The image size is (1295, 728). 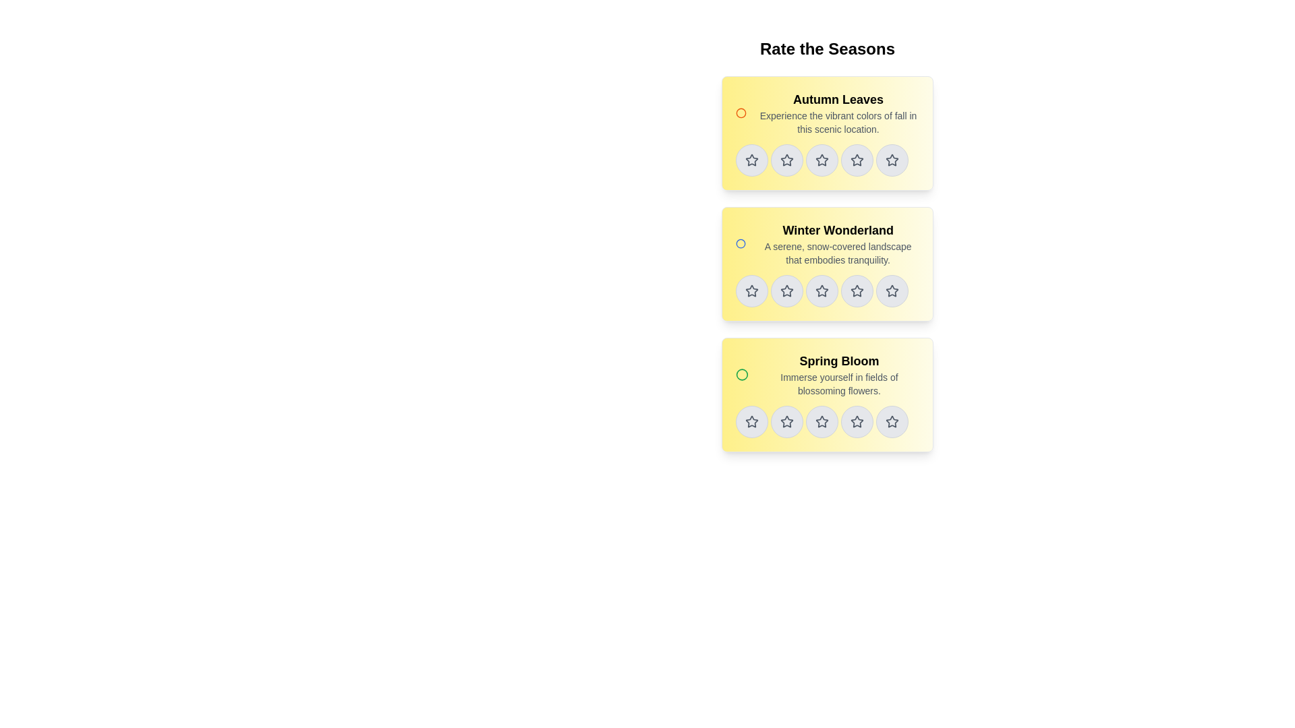 What do you see at coordinates (857, 421) in the screenshot?
I see `the circular button with a gray background and star icon` at bounding box center [857, 421].